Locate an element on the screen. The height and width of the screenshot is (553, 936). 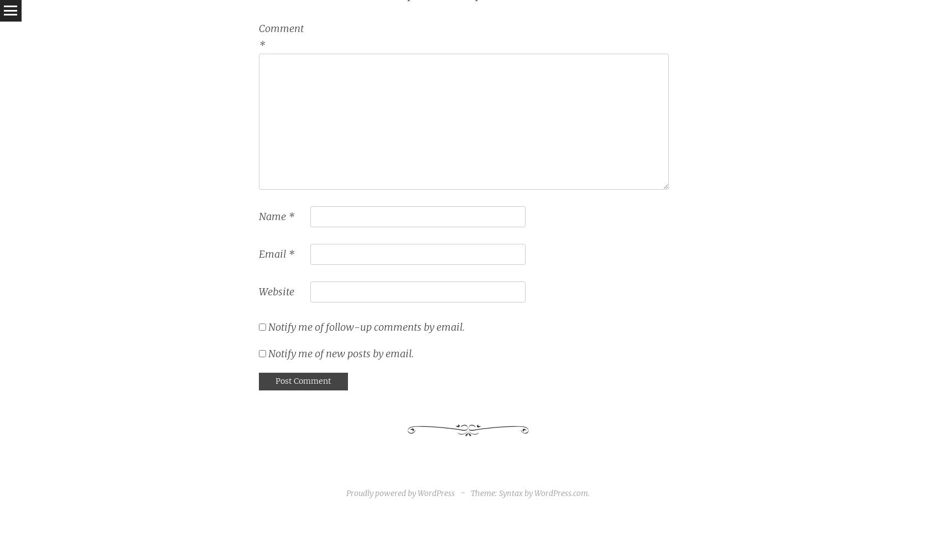
'~' is located at coordinates (463, 493).